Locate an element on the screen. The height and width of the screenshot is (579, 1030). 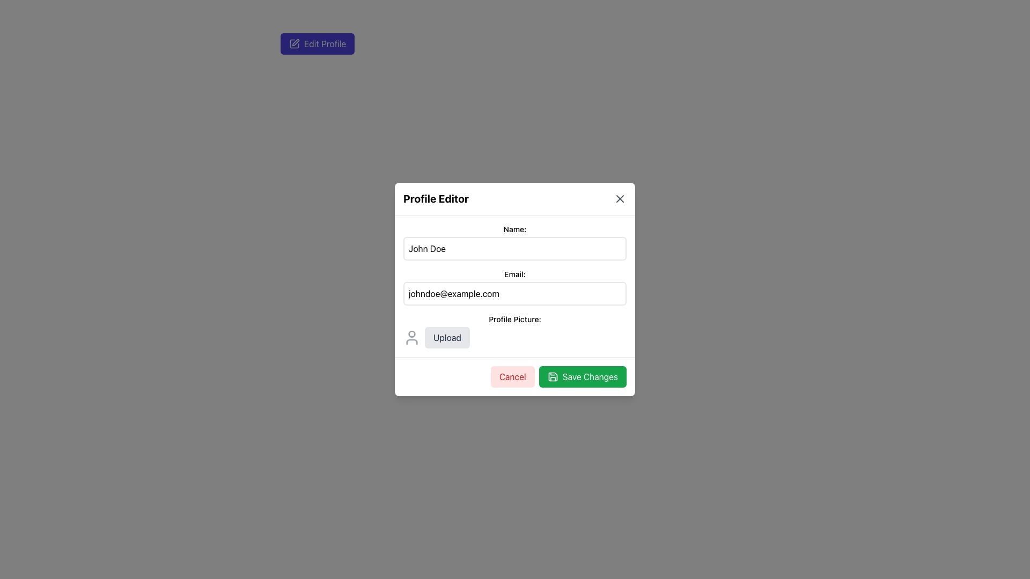
the indigo 'Edit Profile' button with a pen icon is located at coordinates (317, 43).